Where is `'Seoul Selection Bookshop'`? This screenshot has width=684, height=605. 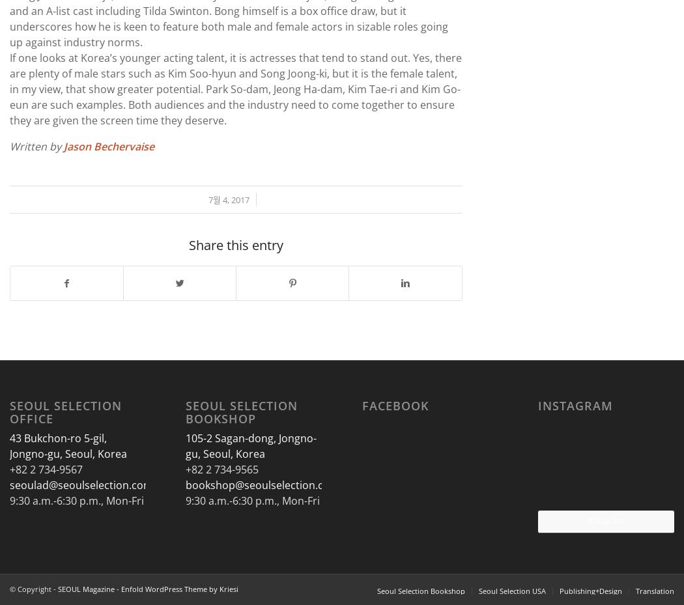 'Seoul Selection Bookshop' is located at coordinates (240, 411).